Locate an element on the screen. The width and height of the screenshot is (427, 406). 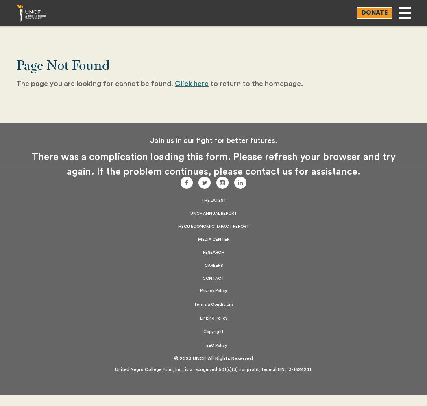
'HBCU Economic Impact Report' is located at coordinates (213, 227).